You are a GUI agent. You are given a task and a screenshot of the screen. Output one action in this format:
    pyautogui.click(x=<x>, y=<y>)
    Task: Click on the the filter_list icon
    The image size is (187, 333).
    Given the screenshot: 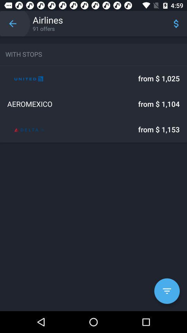 What is the action you would take?
    pyautogui.click(x=167, y=291)
    